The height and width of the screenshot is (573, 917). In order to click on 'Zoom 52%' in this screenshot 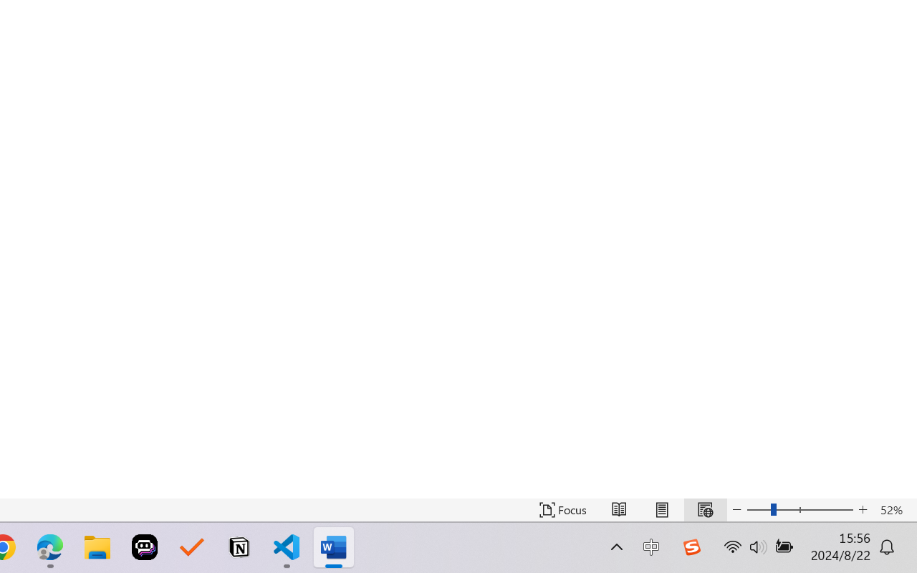, I will do `click(894, 509)`.